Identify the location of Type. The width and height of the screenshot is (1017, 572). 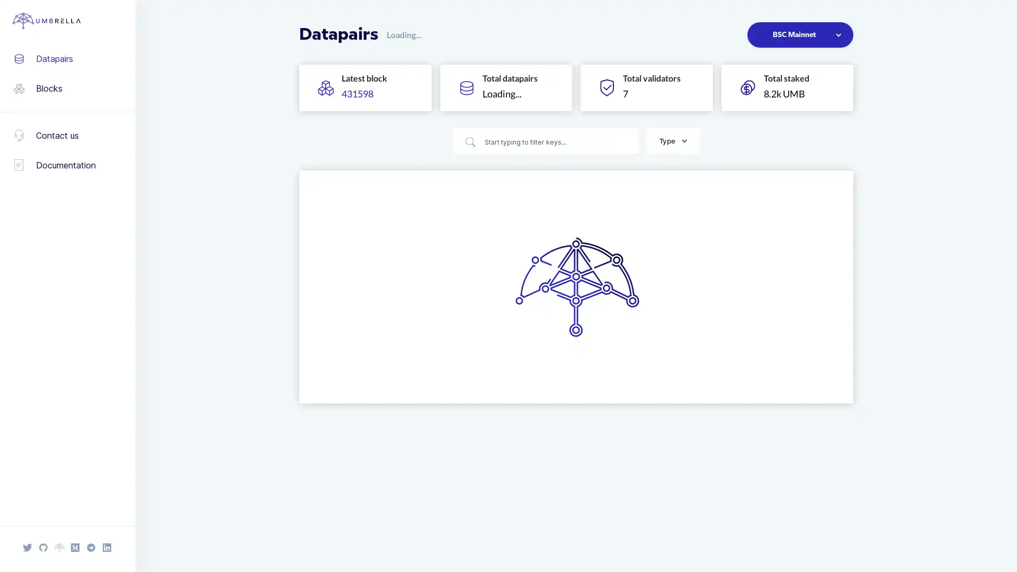
(673, 140).